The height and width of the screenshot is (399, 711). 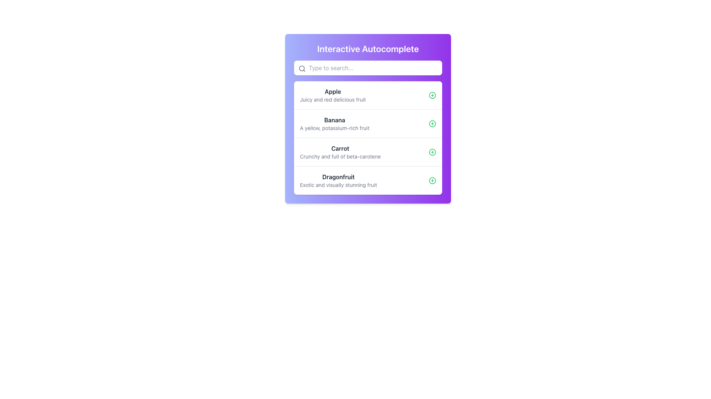 I want to click on the Icon button located at the far right of the row containing the text 'Apple', so click(x=432, y=95).